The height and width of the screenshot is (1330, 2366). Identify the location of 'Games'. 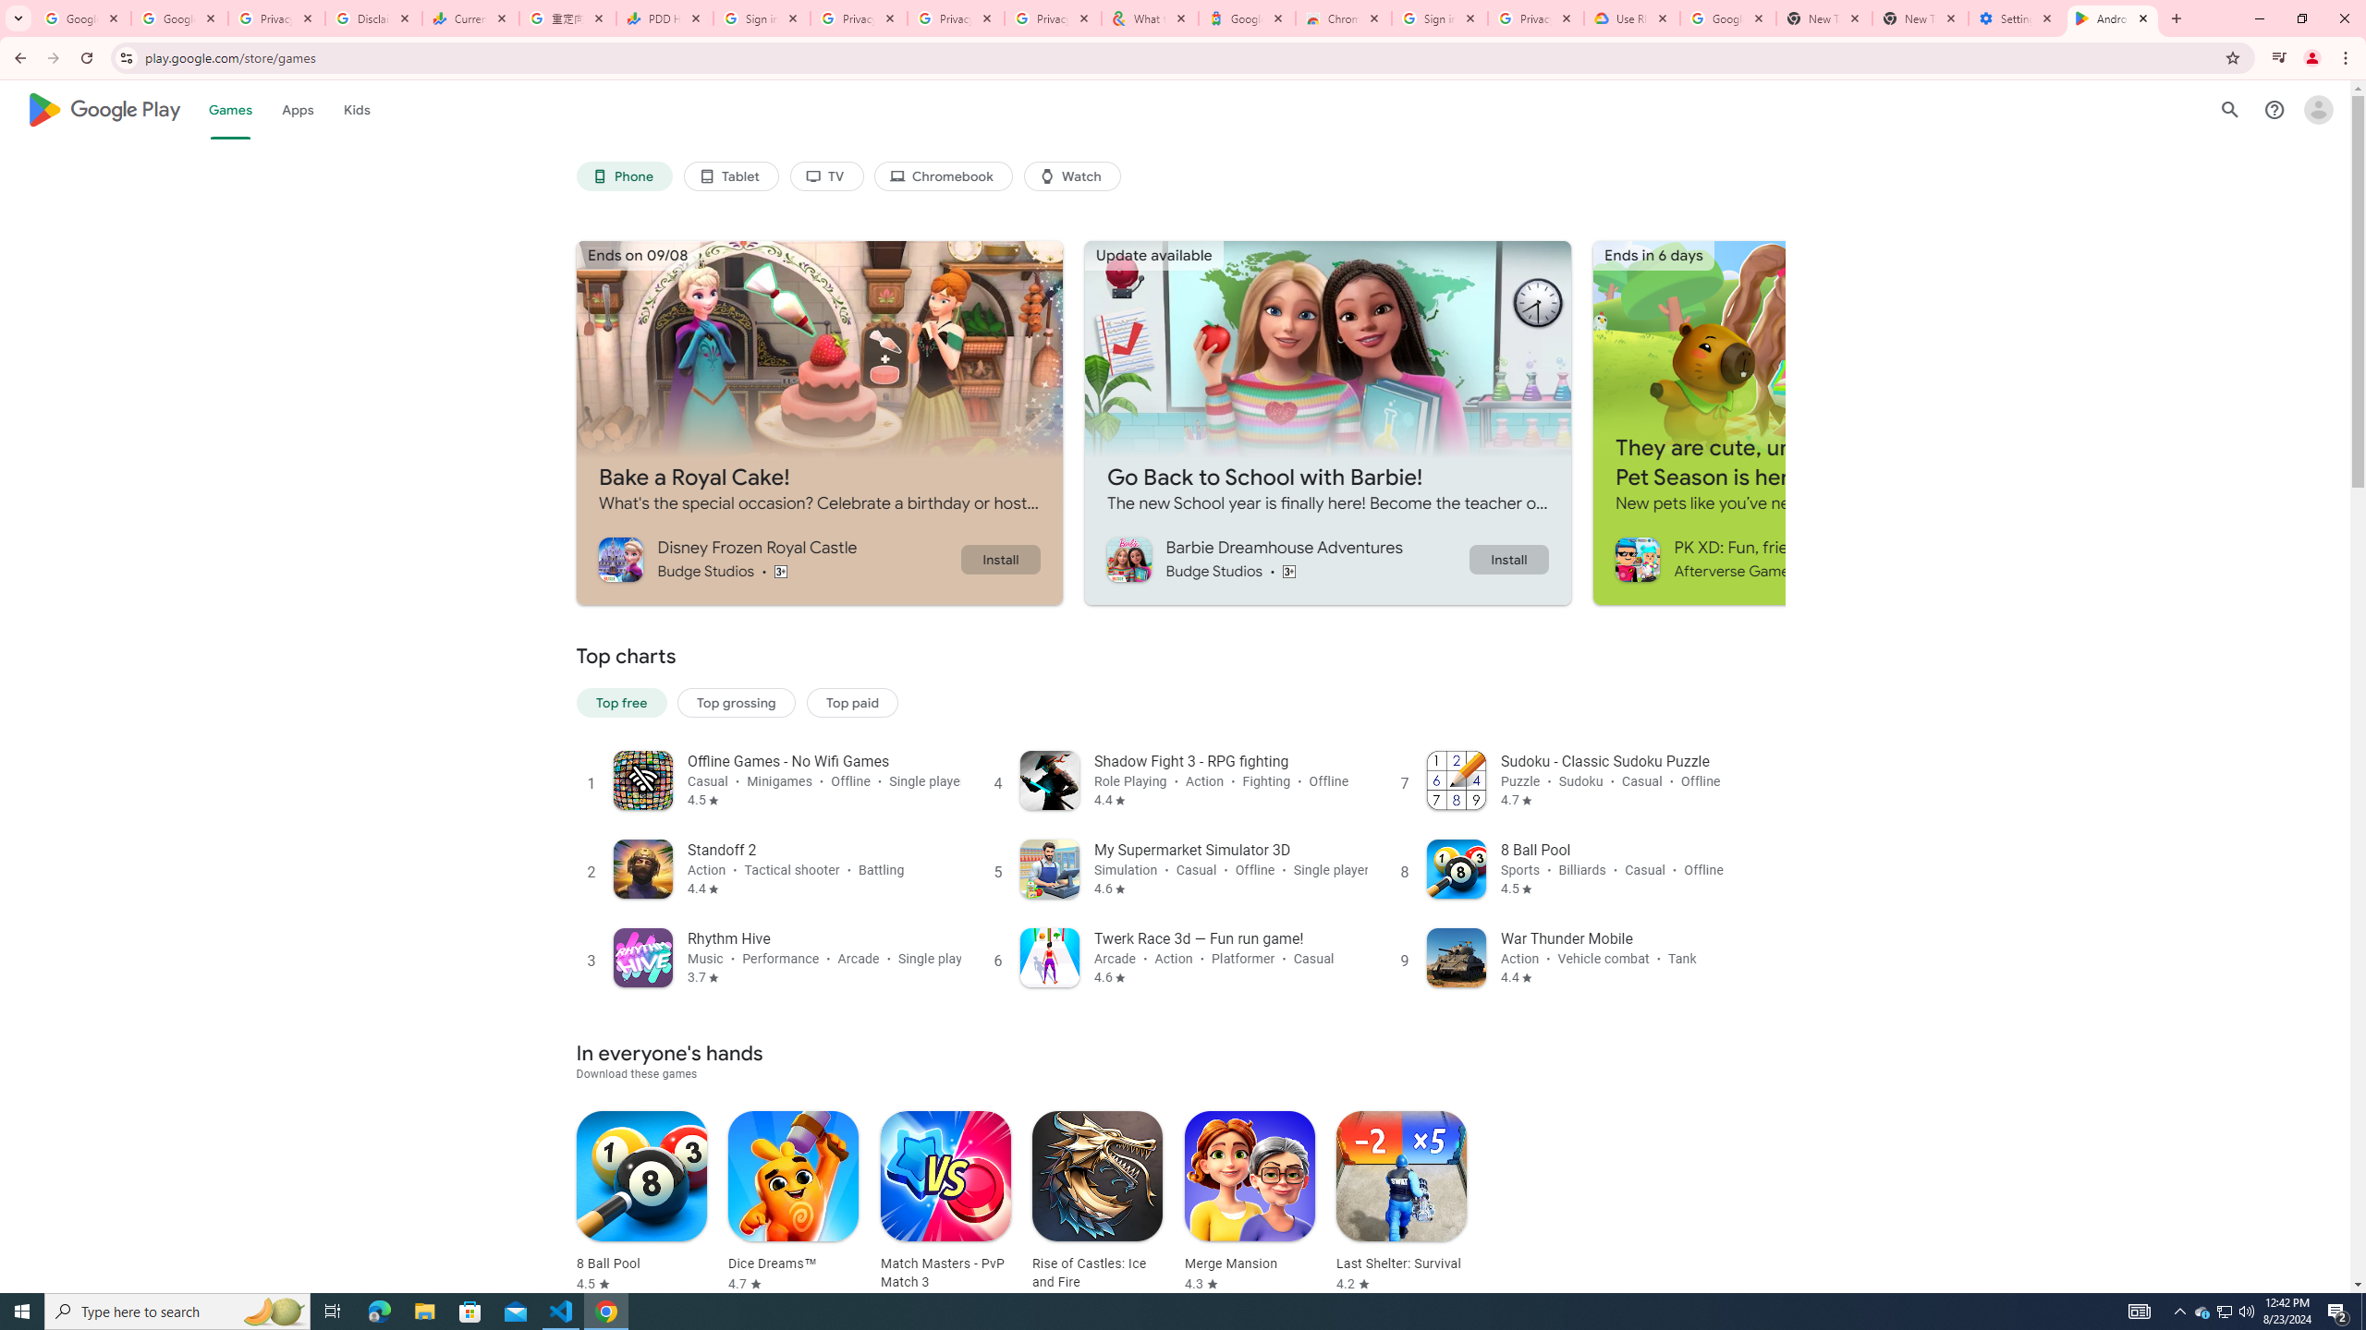
(229, 109).